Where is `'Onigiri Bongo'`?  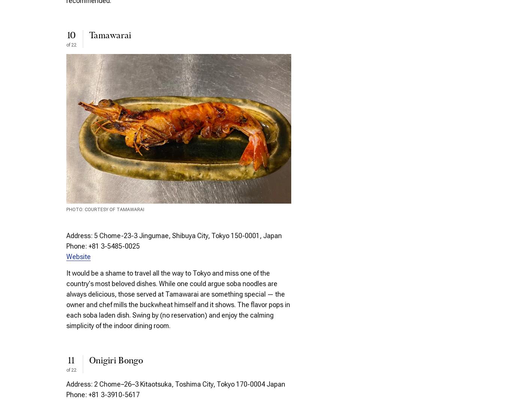
'Onigiri Bongo' is located at coordinates (115, 360).